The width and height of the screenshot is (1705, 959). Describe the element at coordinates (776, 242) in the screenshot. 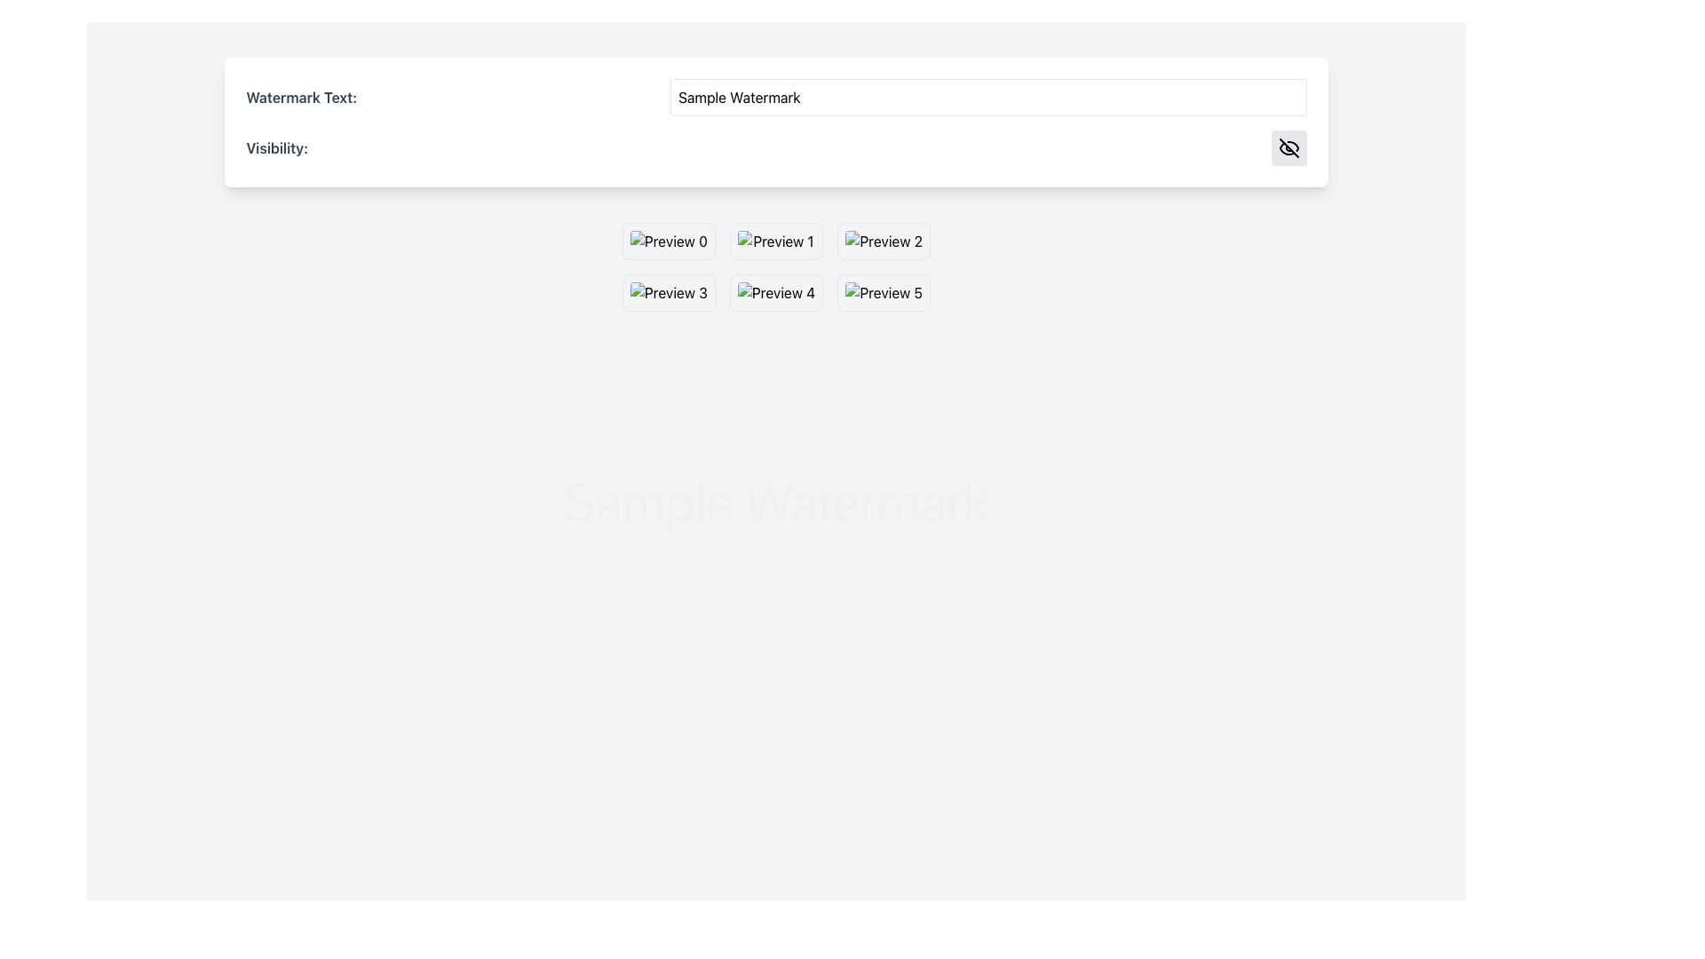

I see `the 'Preview 1' Image Preview Thumbnail, which is the second thumbnail in the top row` at that location.